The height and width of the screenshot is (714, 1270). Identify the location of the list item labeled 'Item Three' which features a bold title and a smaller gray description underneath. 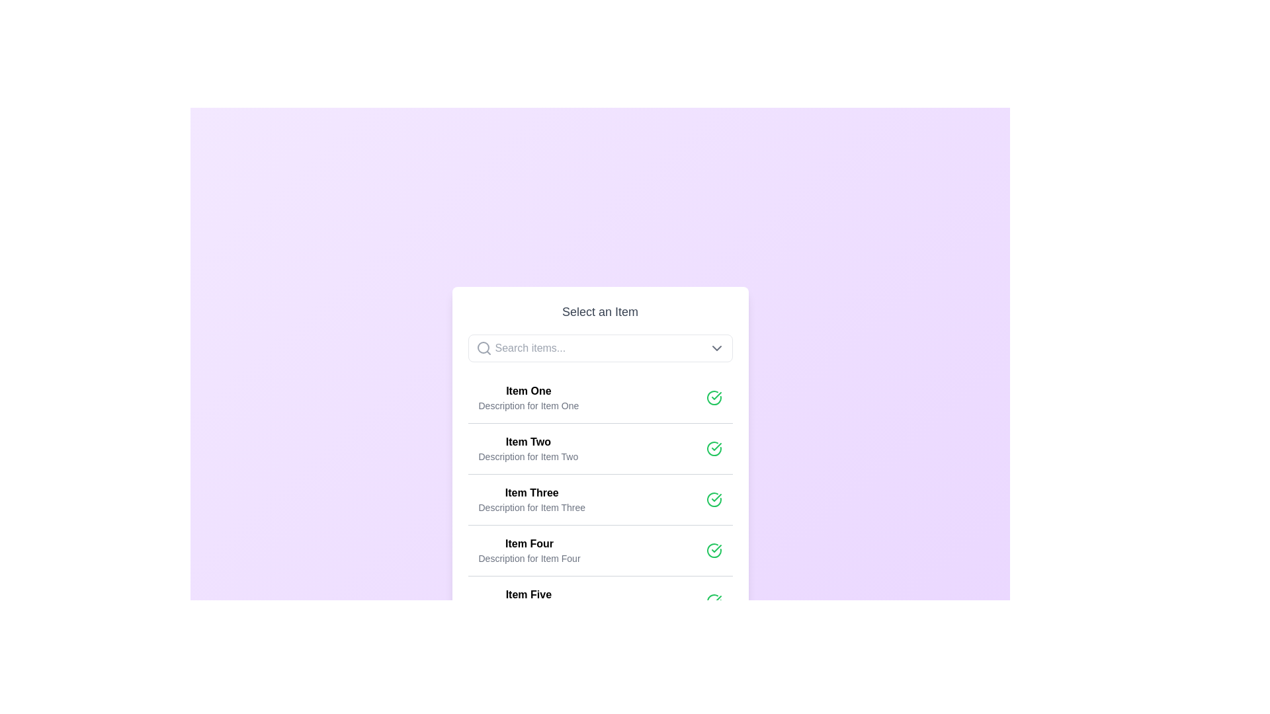
(532, 500).